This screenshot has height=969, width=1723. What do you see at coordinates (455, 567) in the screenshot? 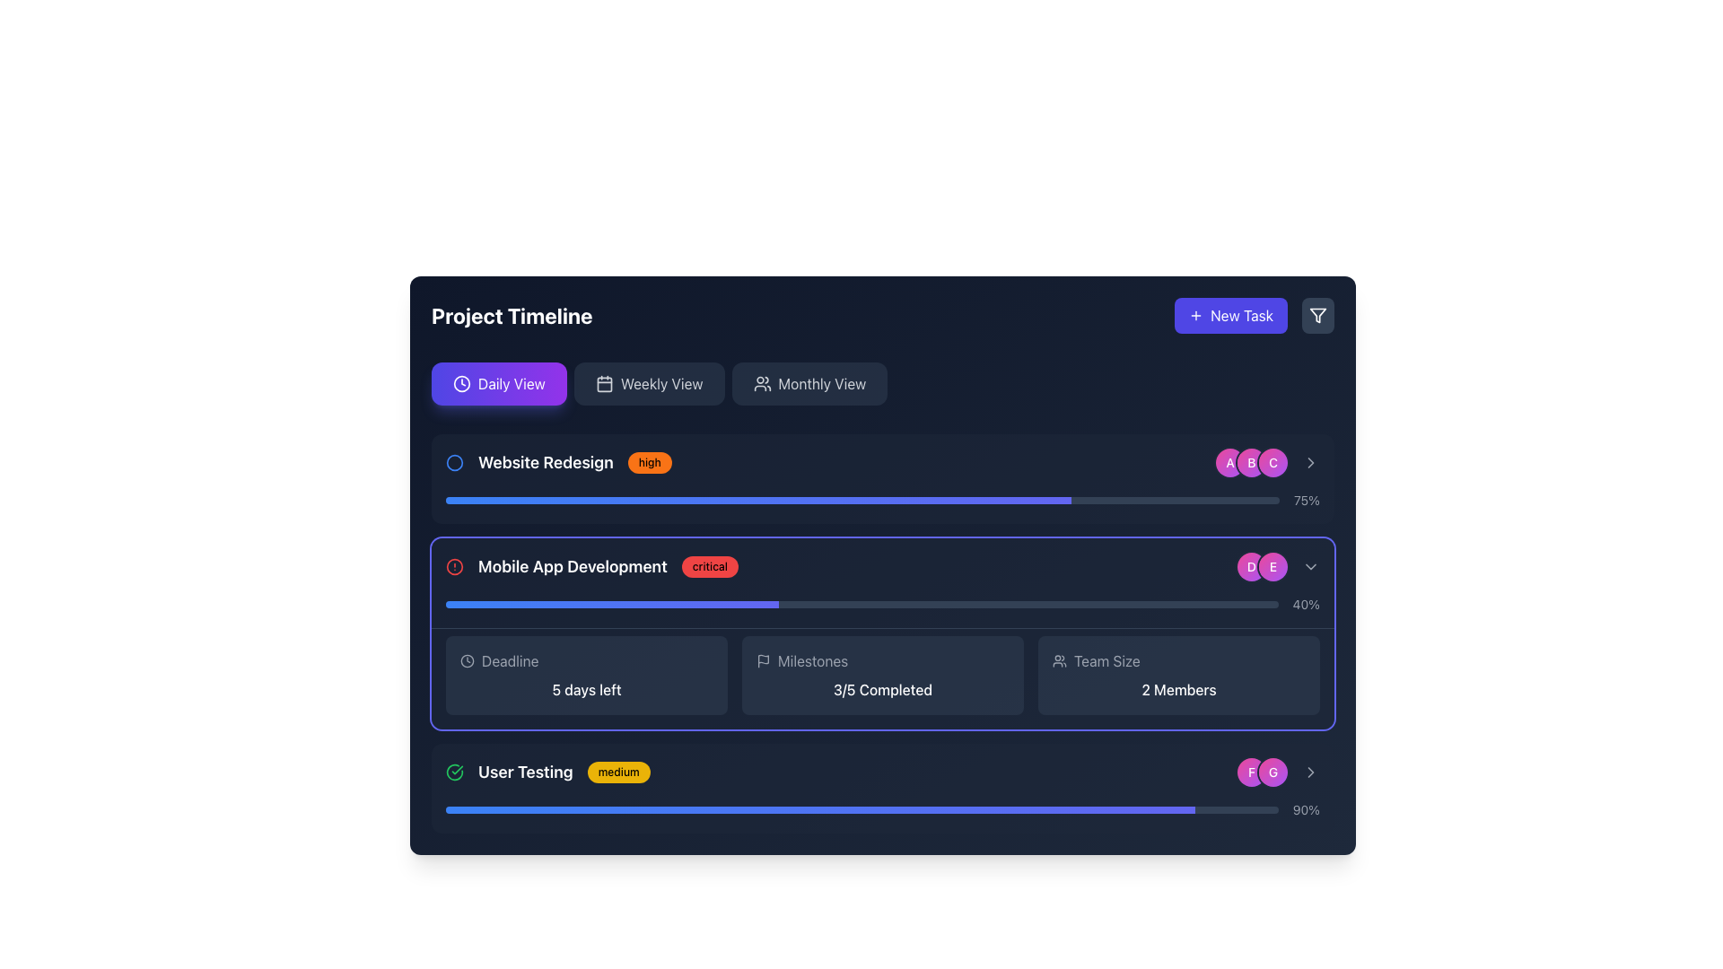
I see `the Alert indicator icon located to the left of the 'Mobile App Development' text to associate it with its label` at bounding box center [455, 567].